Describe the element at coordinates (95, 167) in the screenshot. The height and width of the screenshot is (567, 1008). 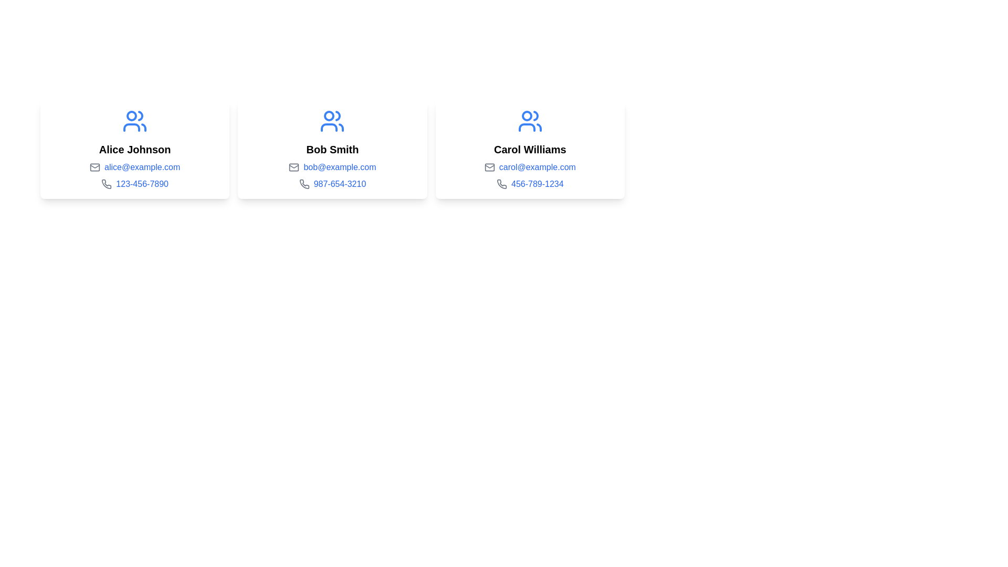
I see `the email icon associated with 'Alice Johnson' in the contact card, positioned to the left of 'alice@example.com'` at that location.